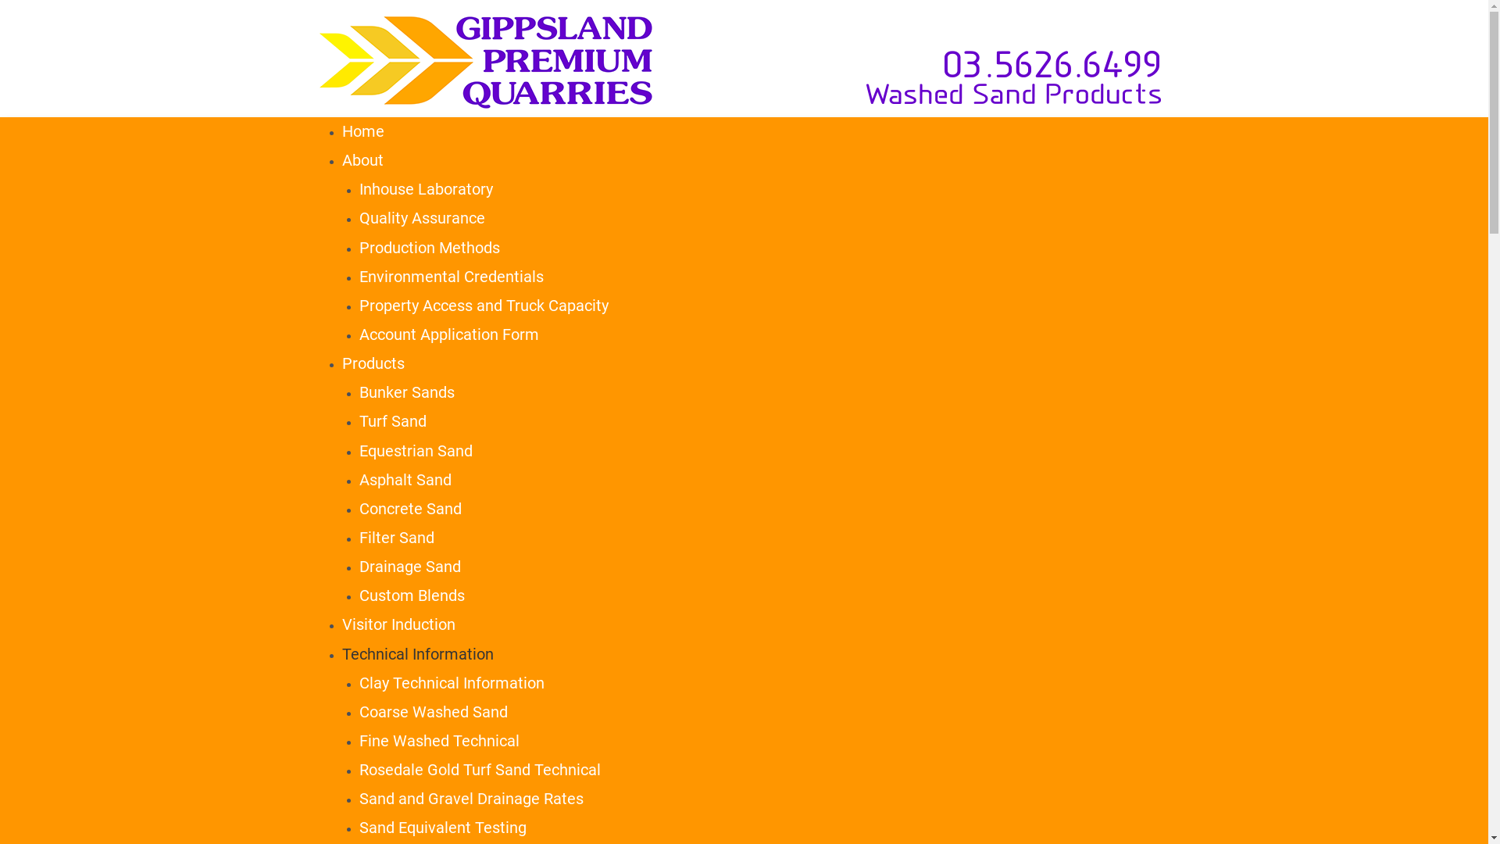  I want to click on 'Property Access and Truck Capacity', so click(483, 305).